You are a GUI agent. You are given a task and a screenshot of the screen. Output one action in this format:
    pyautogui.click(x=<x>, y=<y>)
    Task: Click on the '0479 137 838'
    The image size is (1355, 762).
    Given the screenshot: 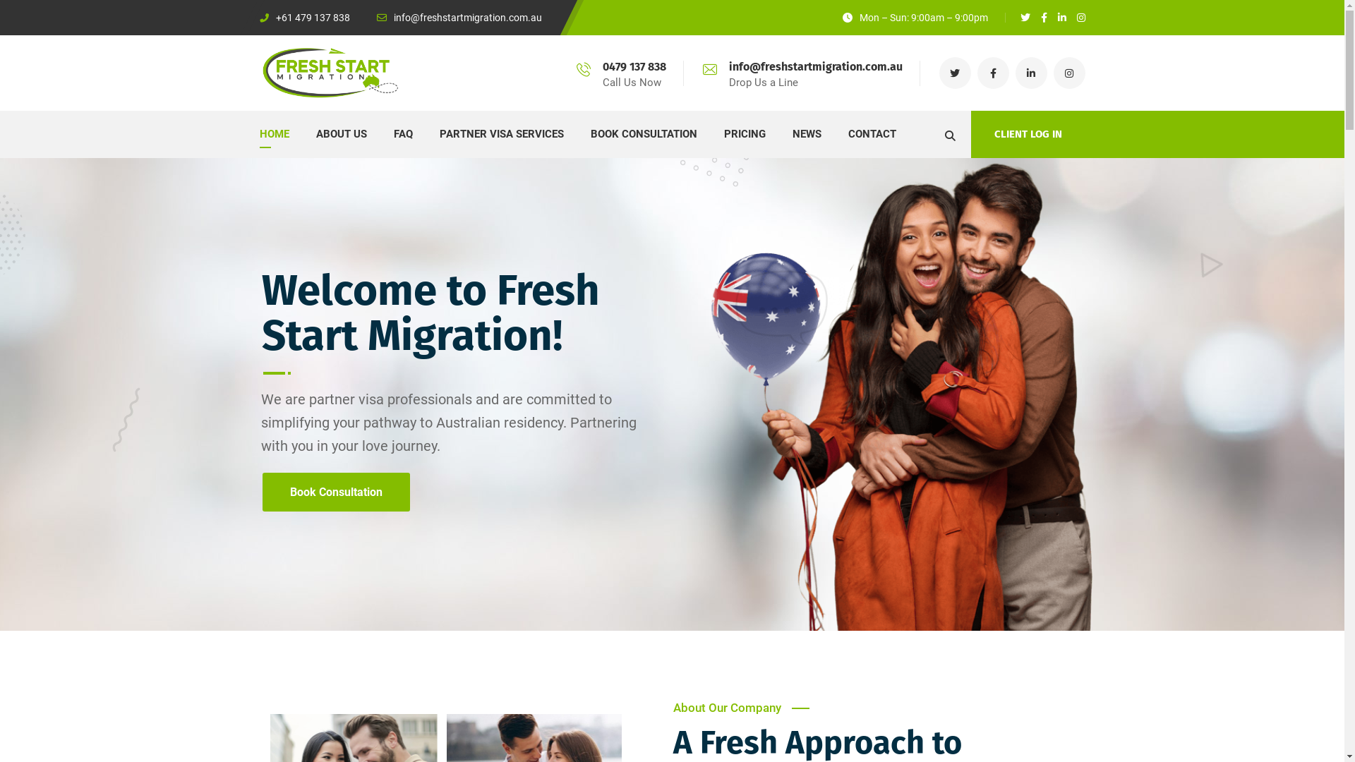 What is the action you would take?
    pyautogui.click(x=633, y=66)
    